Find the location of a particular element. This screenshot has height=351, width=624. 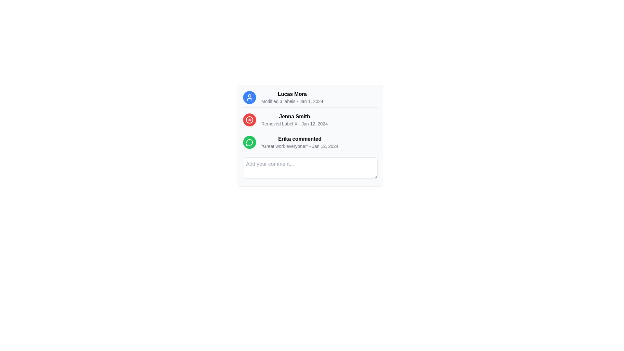

the label that identifies the person associated with the action, positioned between 'Lucas Mora' and 'Erika commented' as the second entry in the list is located at coordinates (294, 116).